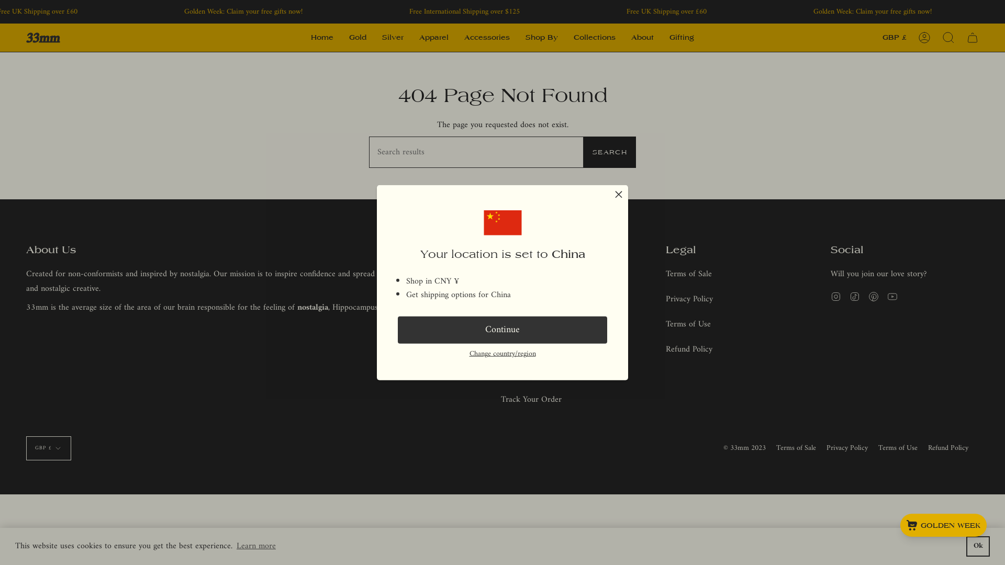  Describe the element at coordinates (533, 299) in the screenshot. I see `'Shipping & Returns'` at that location.